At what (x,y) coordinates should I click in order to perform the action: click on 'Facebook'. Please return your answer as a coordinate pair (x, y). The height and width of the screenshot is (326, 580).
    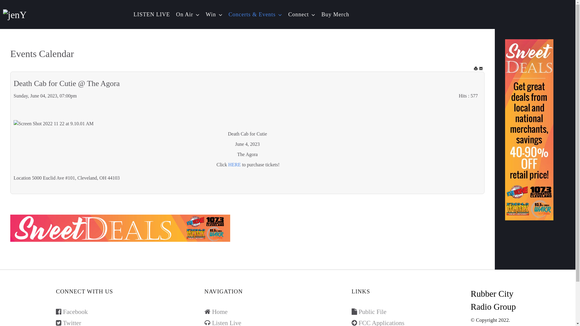
    Looking at the image, I should click on (75, 312).